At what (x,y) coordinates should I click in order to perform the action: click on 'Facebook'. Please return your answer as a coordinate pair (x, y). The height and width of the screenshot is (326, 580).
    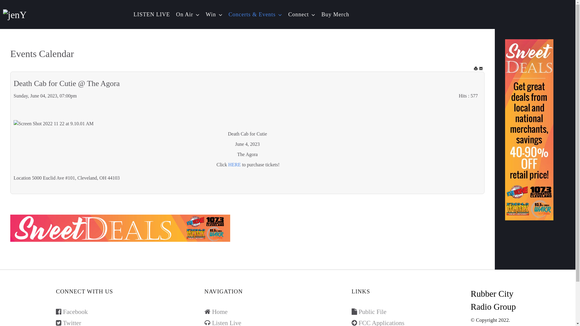
    Looking at the image, I should click on (75, 312).